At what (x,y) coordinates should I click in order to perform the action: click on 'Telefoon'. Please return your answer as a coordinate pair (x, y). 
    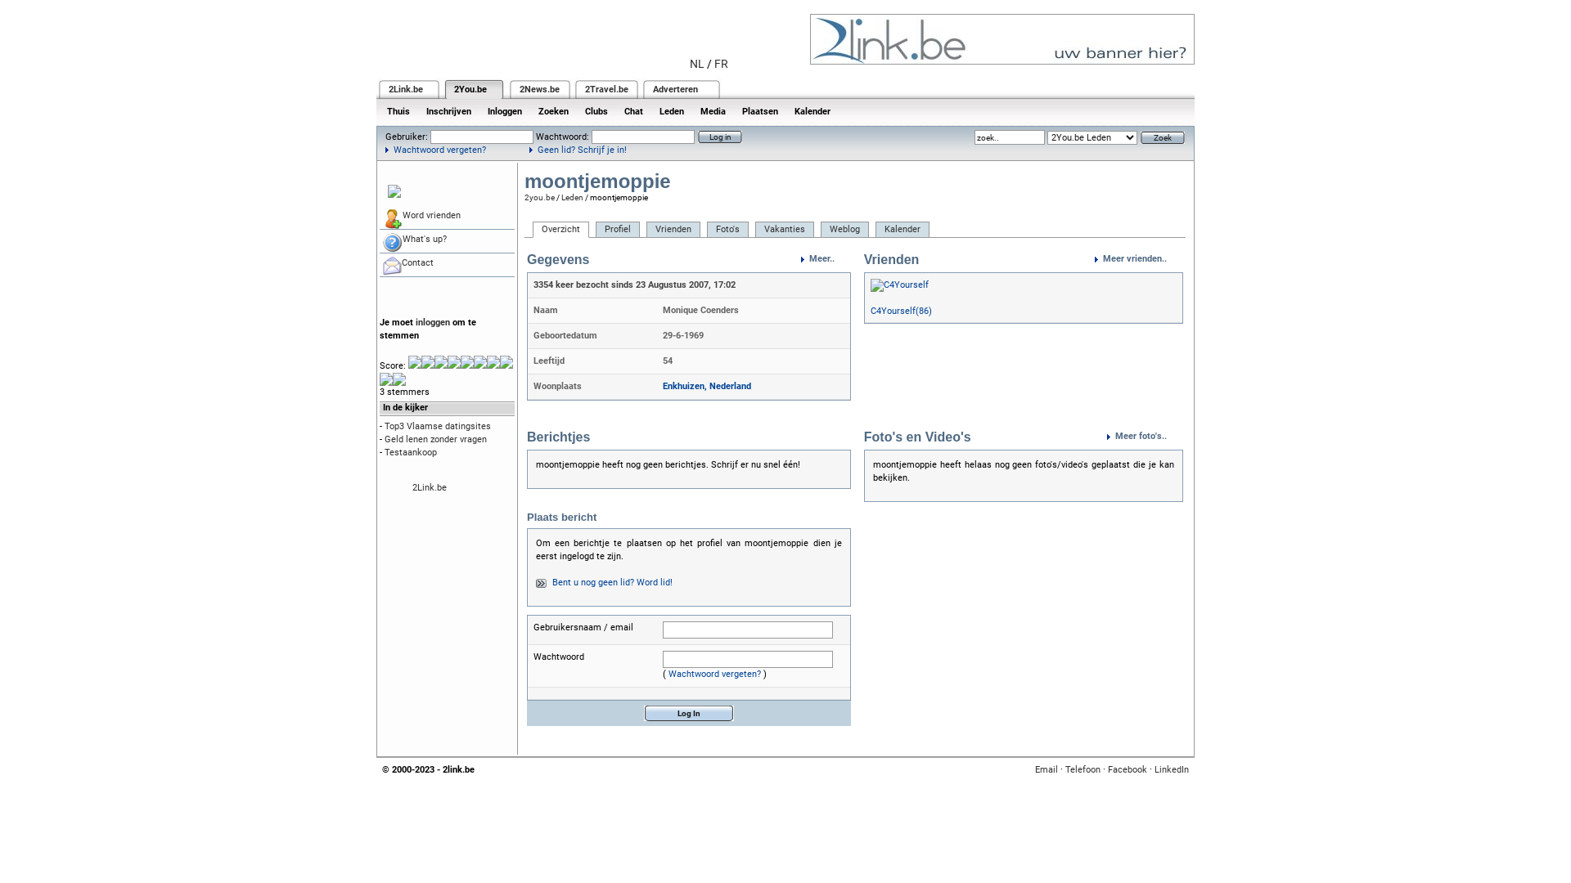
    Looking at the image, I should click on (1083, 769).